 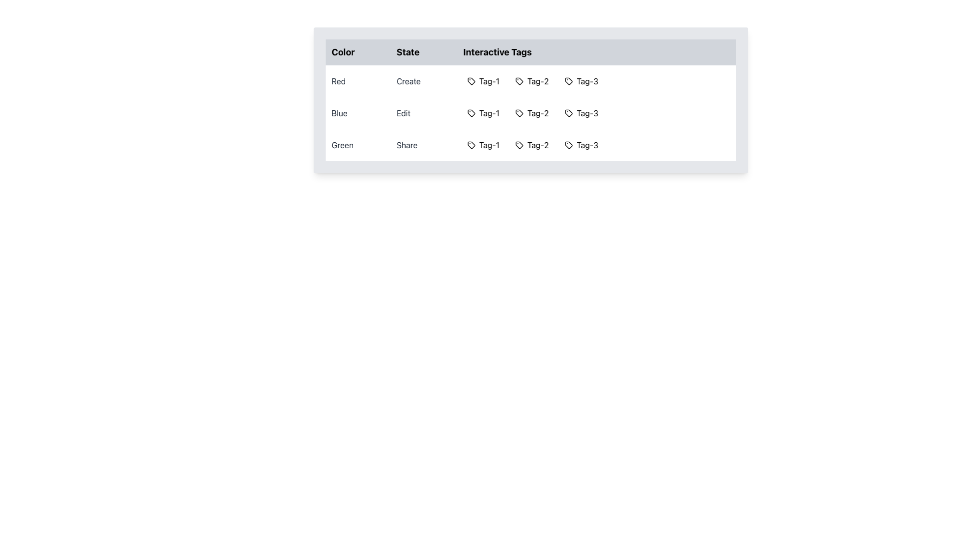 What do you see at coordinates (518, 80) in the screenshot?
I see `the second SVG Icon in the first row under the 'Interactive Tags' column` at bounding box center [518, 80].